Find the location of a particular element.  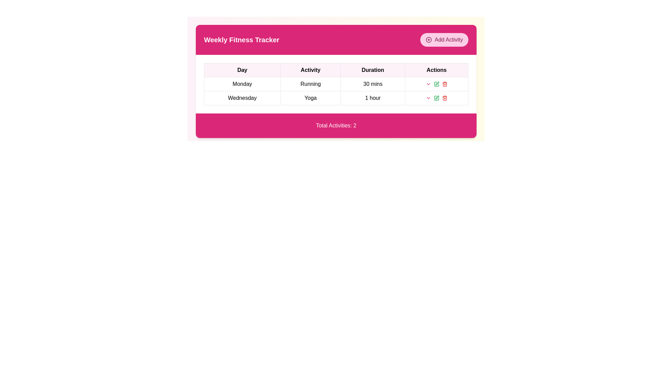

the static text label displaying 'Yoga' in the 'Activity' column for Wednesday in the fitness tracker table is located at coordinates (310, 98).